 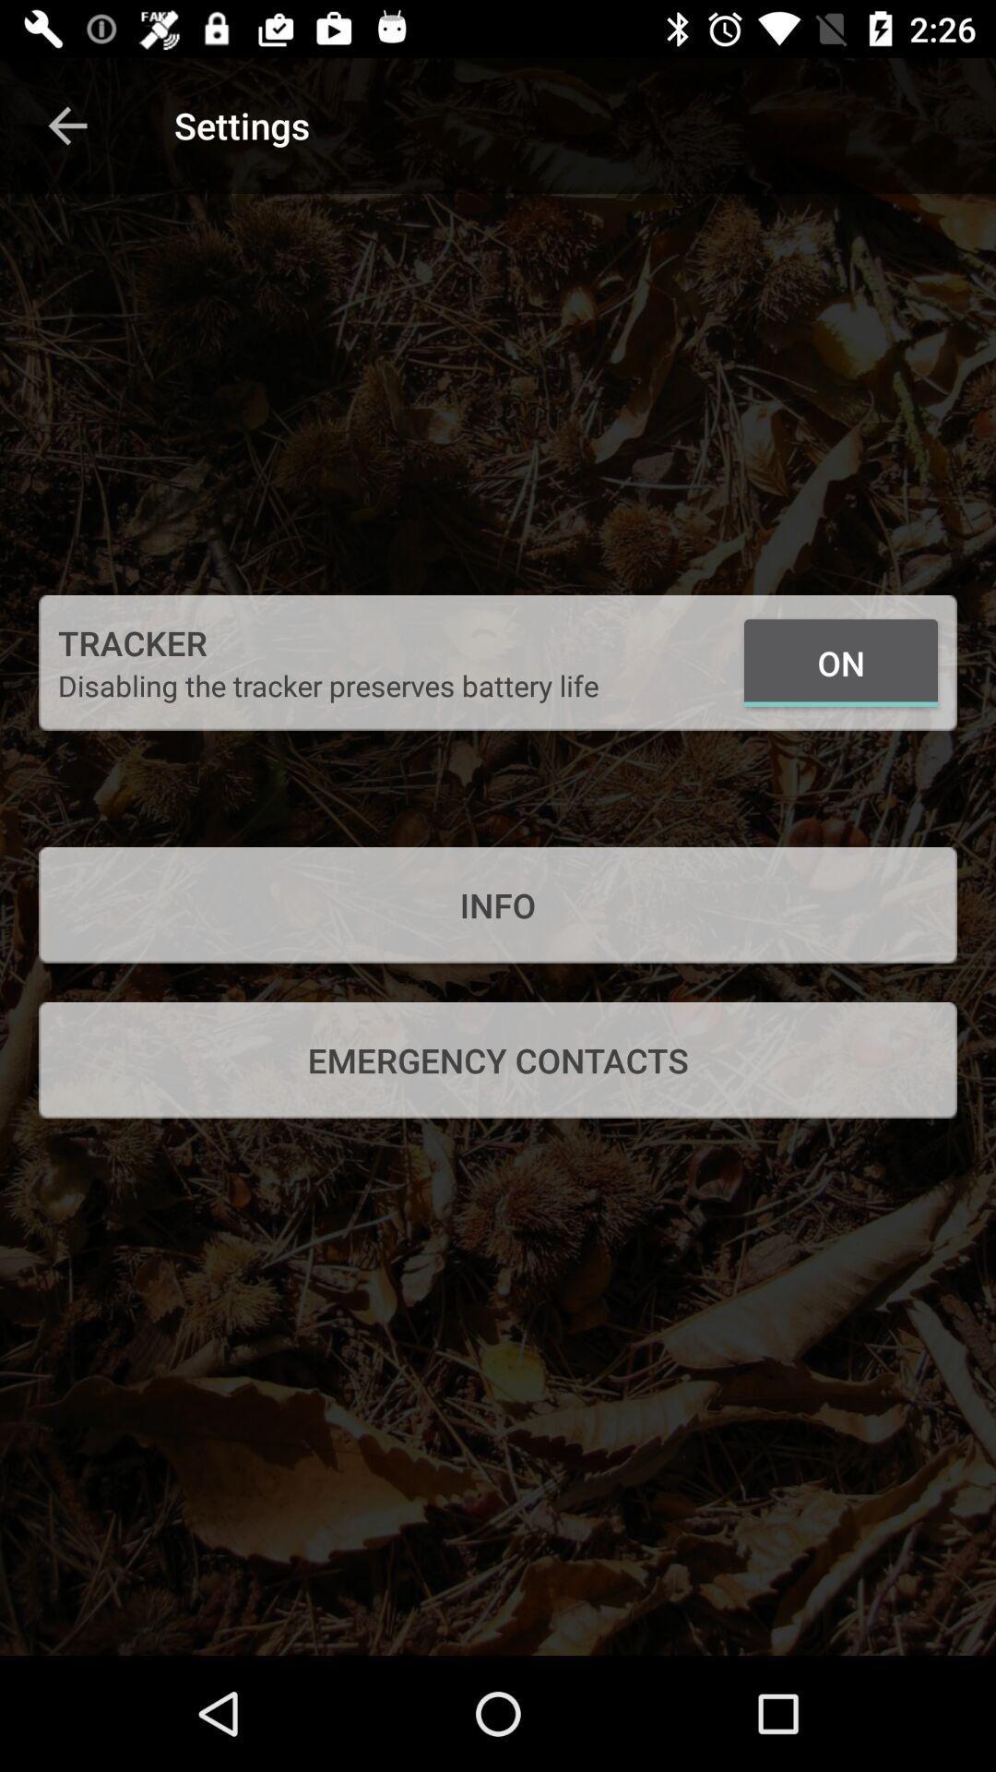 What do you see at coordinates (840, 663) in the screenshot?
I see `item on the right` at bounding box center [840, 663].